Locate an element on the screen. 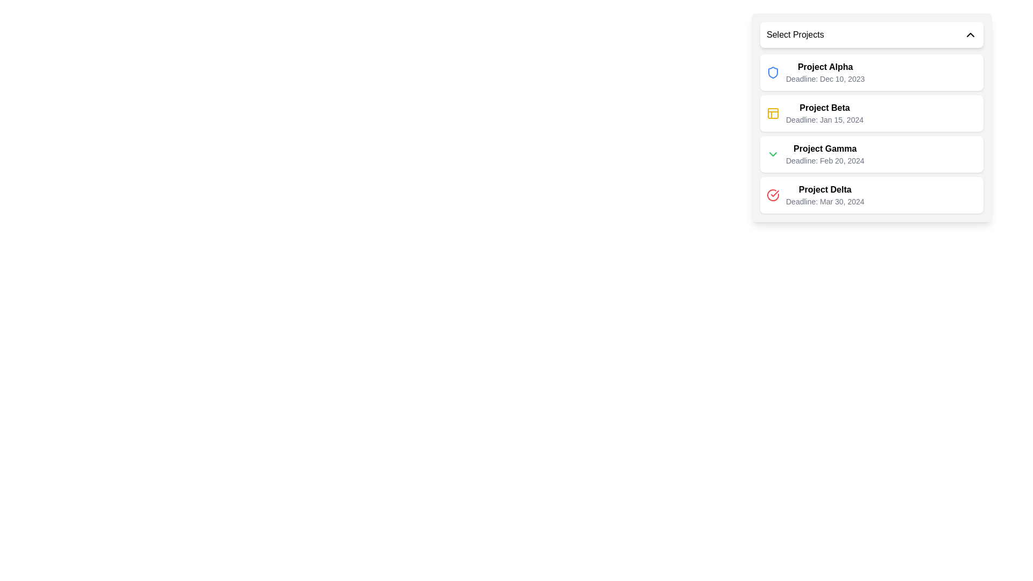  the red circular icon with a checkmark inside, located to the left of the text 'Project Delta' in the project list is located at coordinates (772, 195).